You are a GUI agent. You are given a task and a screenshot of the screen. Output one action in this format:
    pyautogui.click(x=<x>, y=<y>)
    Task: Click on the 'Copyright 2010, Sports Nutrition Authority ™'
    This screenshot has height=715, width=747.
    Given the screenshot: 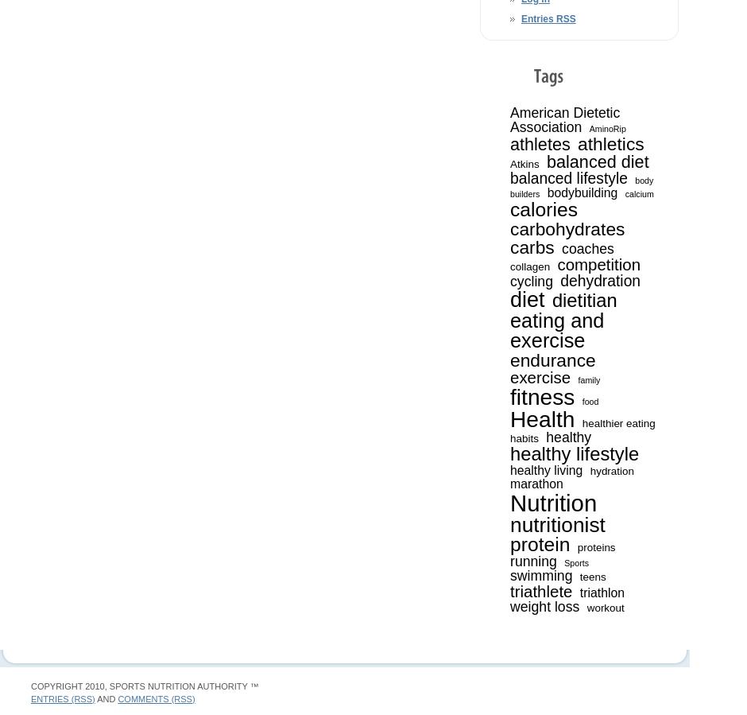 What is the action you would take?
    pyautogui.click(x=31, y=685)
    